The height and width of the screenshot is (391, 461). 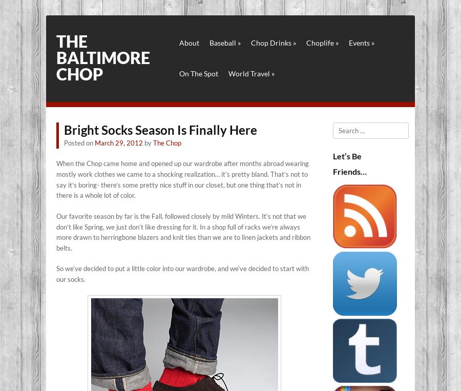 What do you see at coordinates (343, 126) in the screenshot?
I see `'Search'` at bounding box center [343, 126].